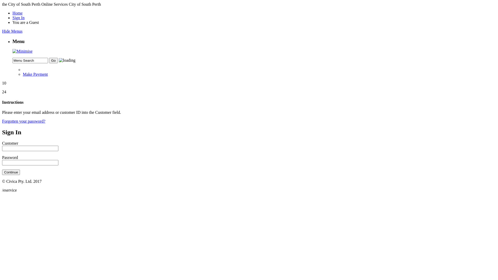 This screenshot has height=280, width=498. Describe the element at coordinates (17, 13) in the screenshot. I see `'Home'` at that location.